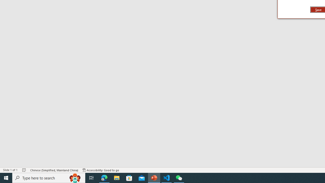 Image resolution: width=325 pixels, height=183 pixels. Describe the element at coordinates (104, 177) in the screenshot. I see `'Microsoft Edge - 1 running window'` at that location.